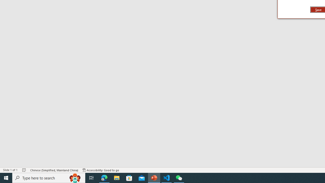 Image resolution: width=325 pixels, height=183 pixels. Describe the element at coordinates (104, 177) in the screenshot. I see `'Microsoft Edge - 1 running window'` at that location.